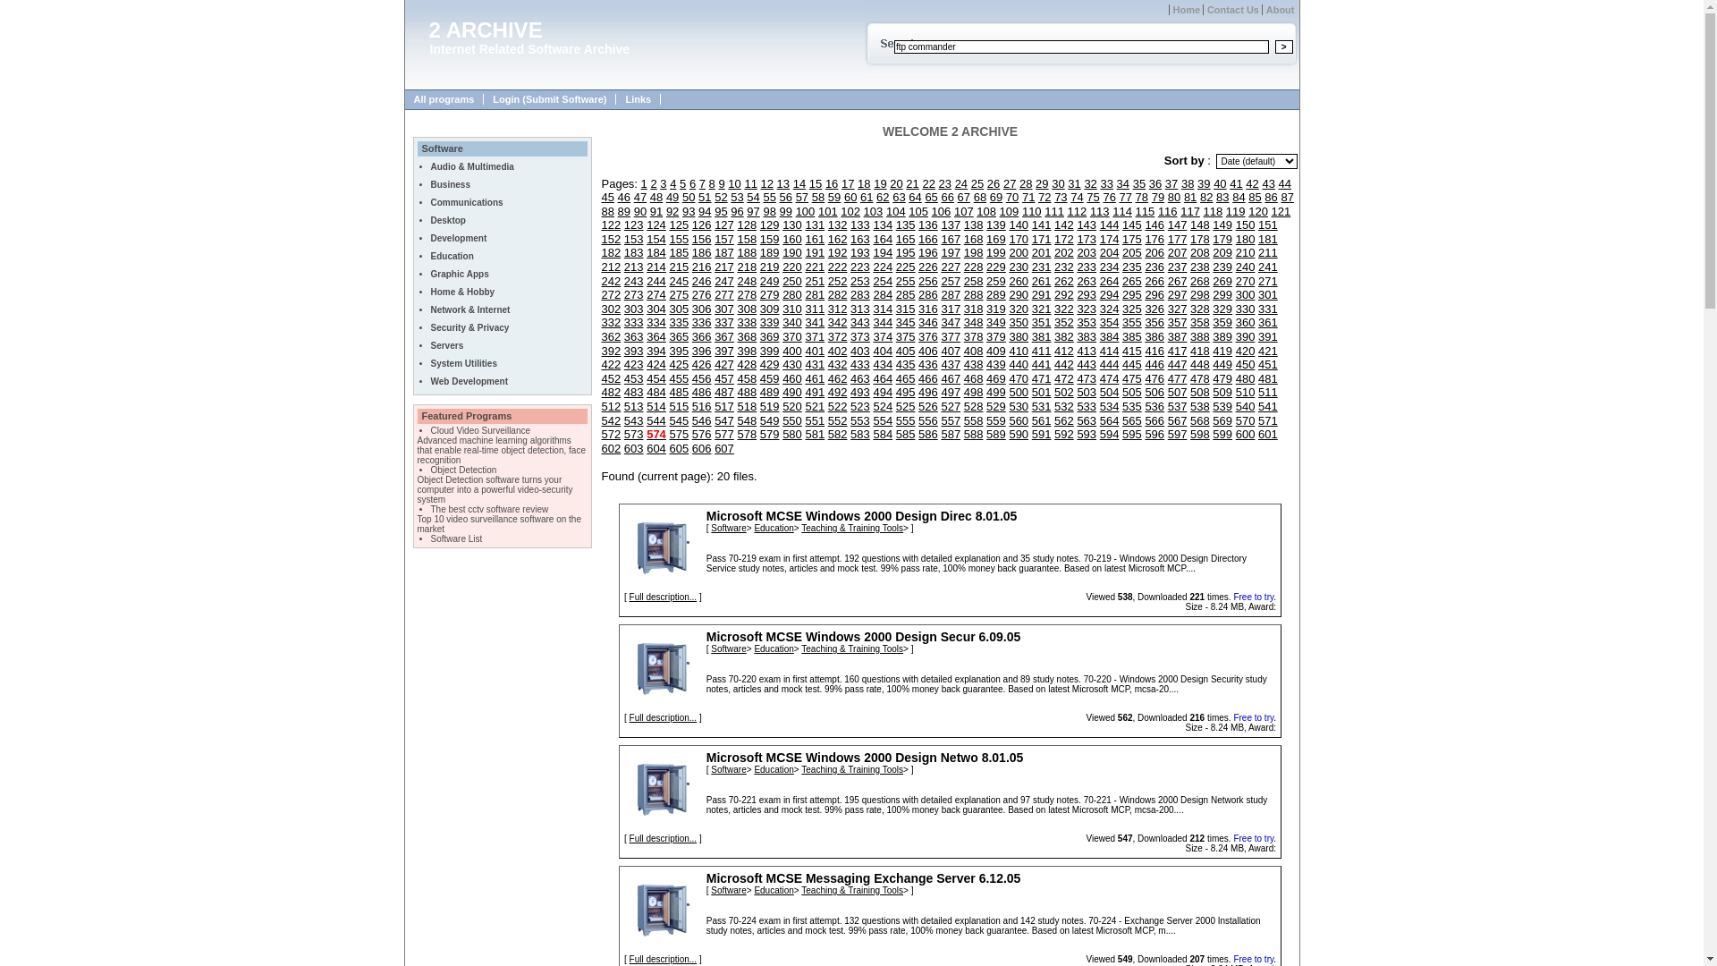 Image resolution: width=1717 pixels, height=966 pixels. I want to click on '131', so click(804, 224).